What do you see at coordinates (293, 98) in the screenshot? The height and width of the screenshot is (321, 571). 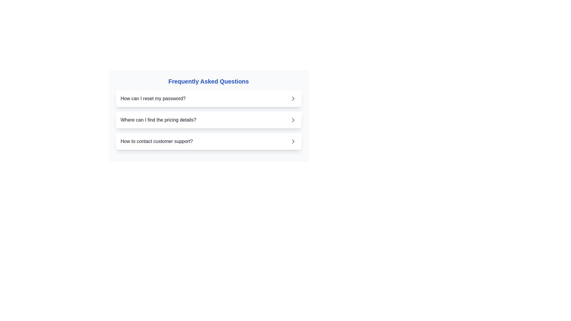 I see `the chevron icon located at the right end of the first row in the FAQ list, aligned with the question 'How can I reset my password?'` at bounding box center [293, 98].